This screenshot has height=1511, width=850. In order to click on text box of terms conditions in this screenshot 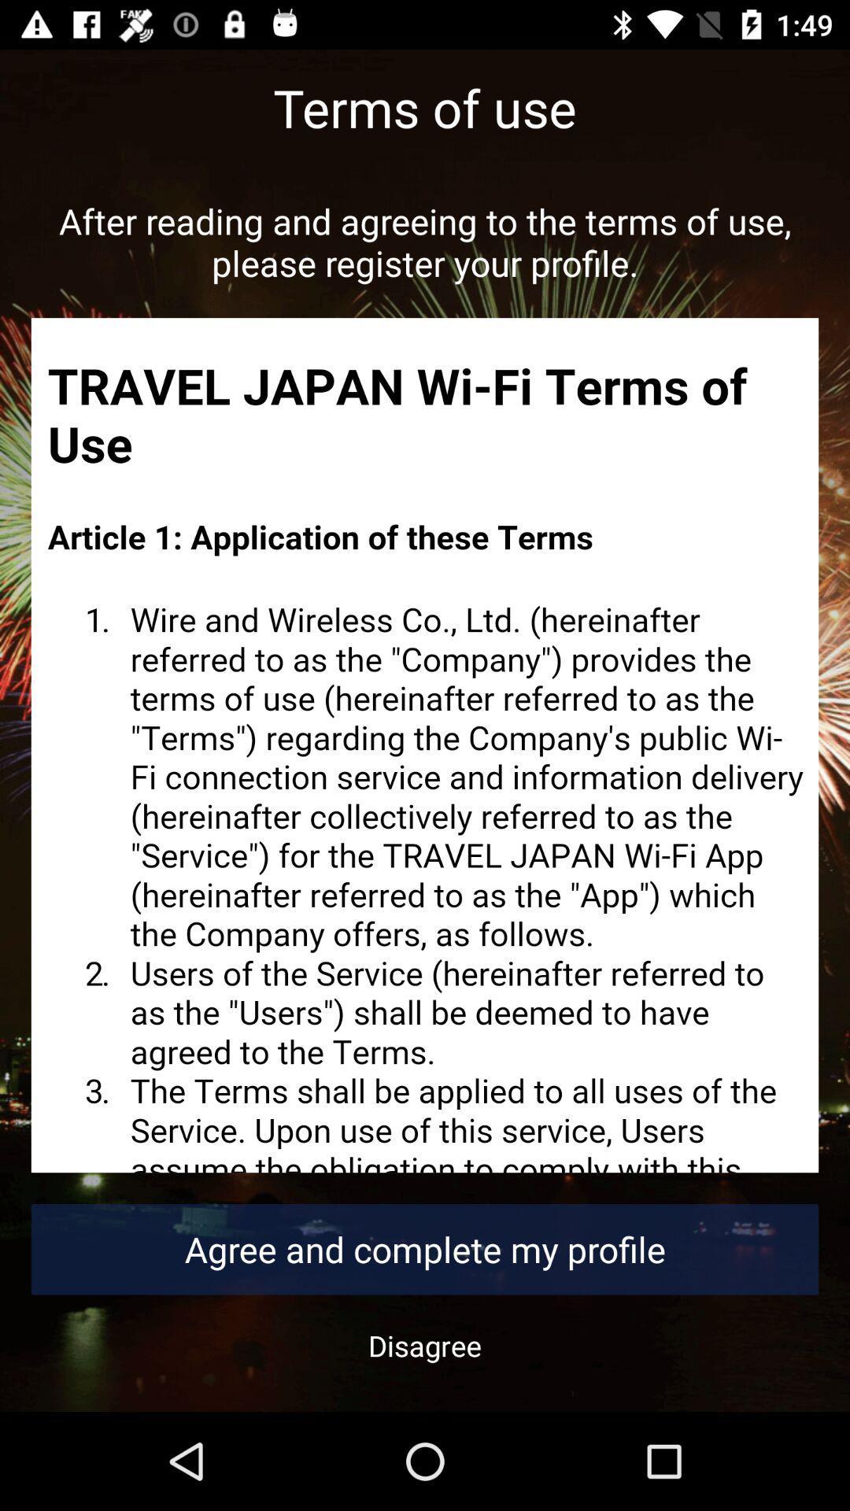, I will do `click(425, 744)`.